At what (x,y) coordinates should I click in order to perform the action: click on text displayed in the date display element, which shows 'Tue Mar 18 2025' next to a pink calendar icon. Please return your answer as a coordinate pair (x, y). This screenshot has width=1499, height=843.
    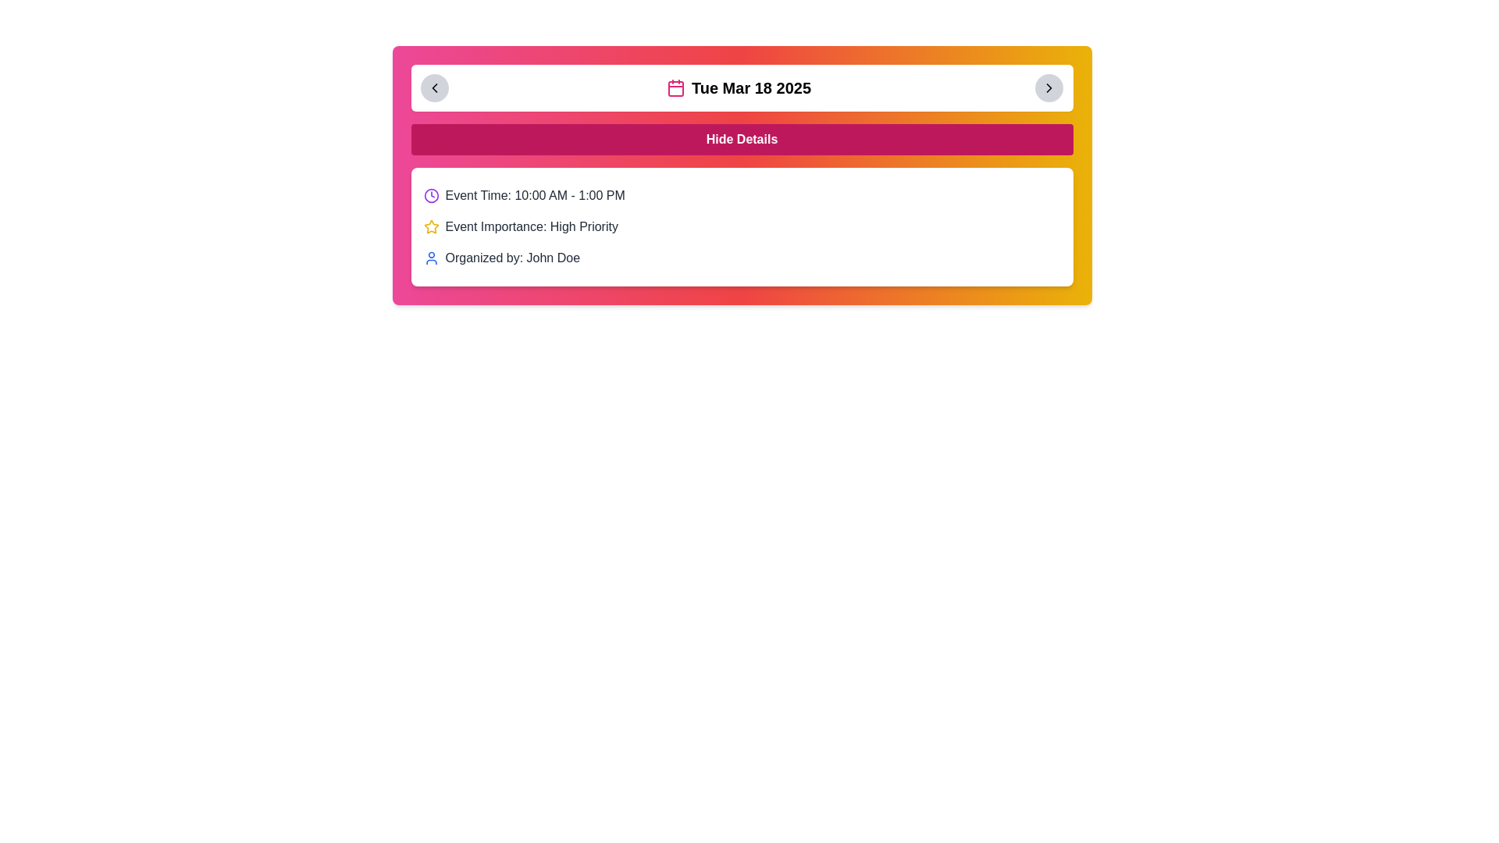
    Looking at the image, I should click on (741, 87).